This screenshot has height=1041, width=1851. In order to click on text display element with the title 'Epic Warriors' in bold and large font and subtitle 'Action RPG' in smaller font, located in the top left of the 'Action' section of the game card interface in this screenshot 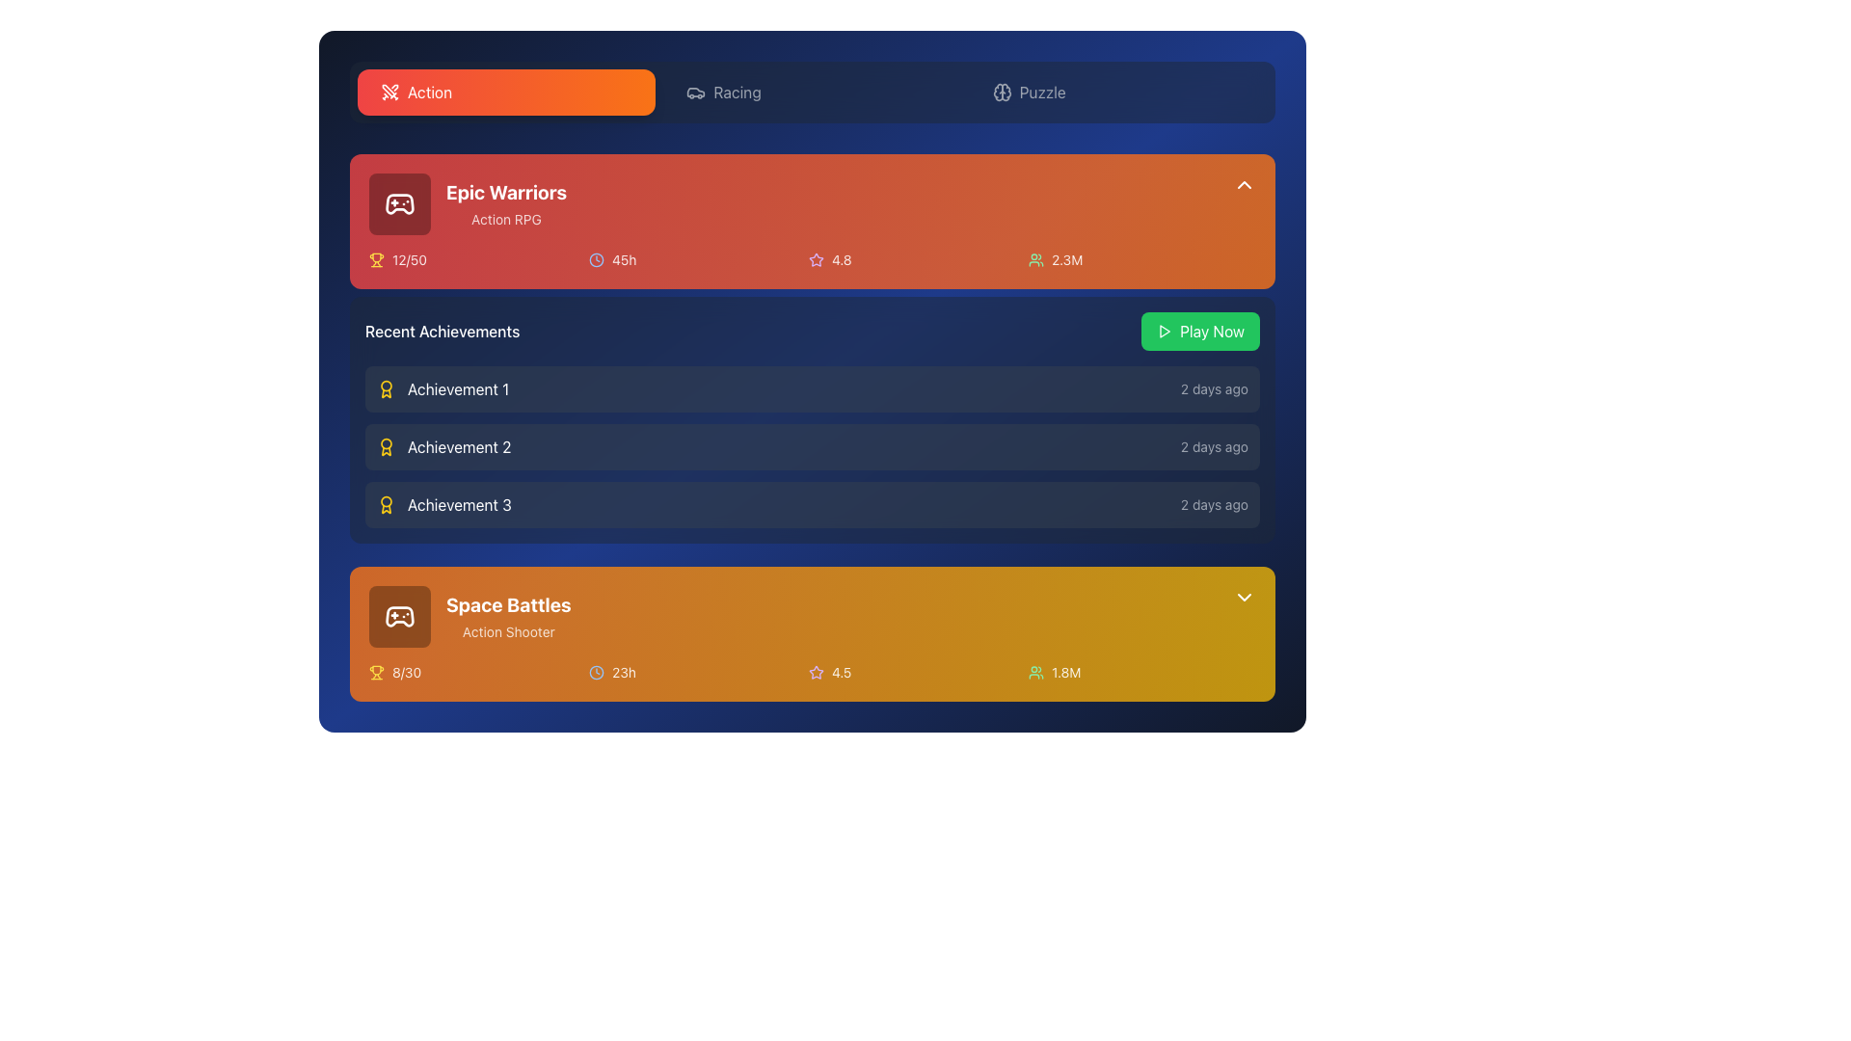, I will do `click(506, 204)`.